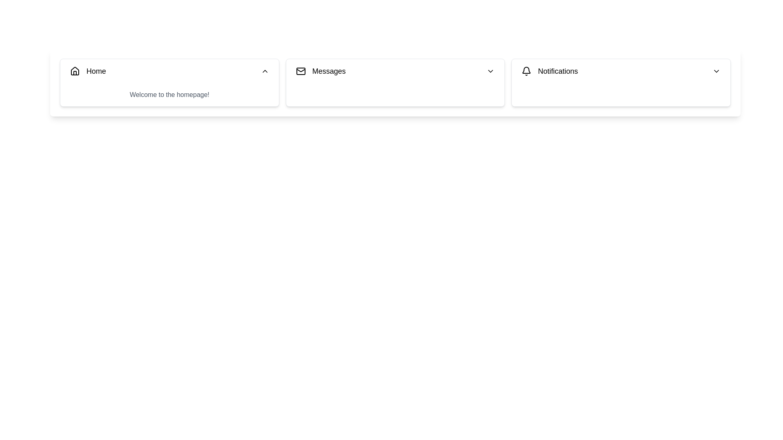 The width and height of the screenshot is (783, 440). What do you see at coordinates (96, 70) in the screenshot?
I see `the 'Home' text label, which is a medium-sized, bold font label part of the navigation structure, positioned to the right of a house-shaped icon` at bounding box center [96, 70].